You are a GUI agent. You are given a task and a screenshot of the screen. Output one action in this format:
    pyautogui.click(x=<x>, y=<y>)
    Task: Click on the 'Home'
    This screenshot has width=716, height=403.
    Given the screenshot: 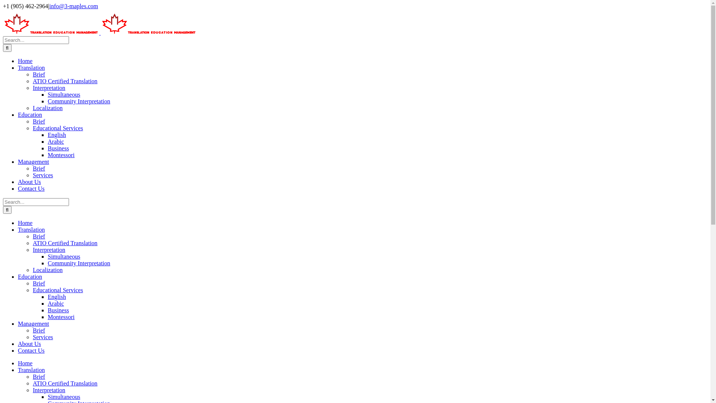 What is the action you would take?
    pyautogui.click(x=25, y=222)
    